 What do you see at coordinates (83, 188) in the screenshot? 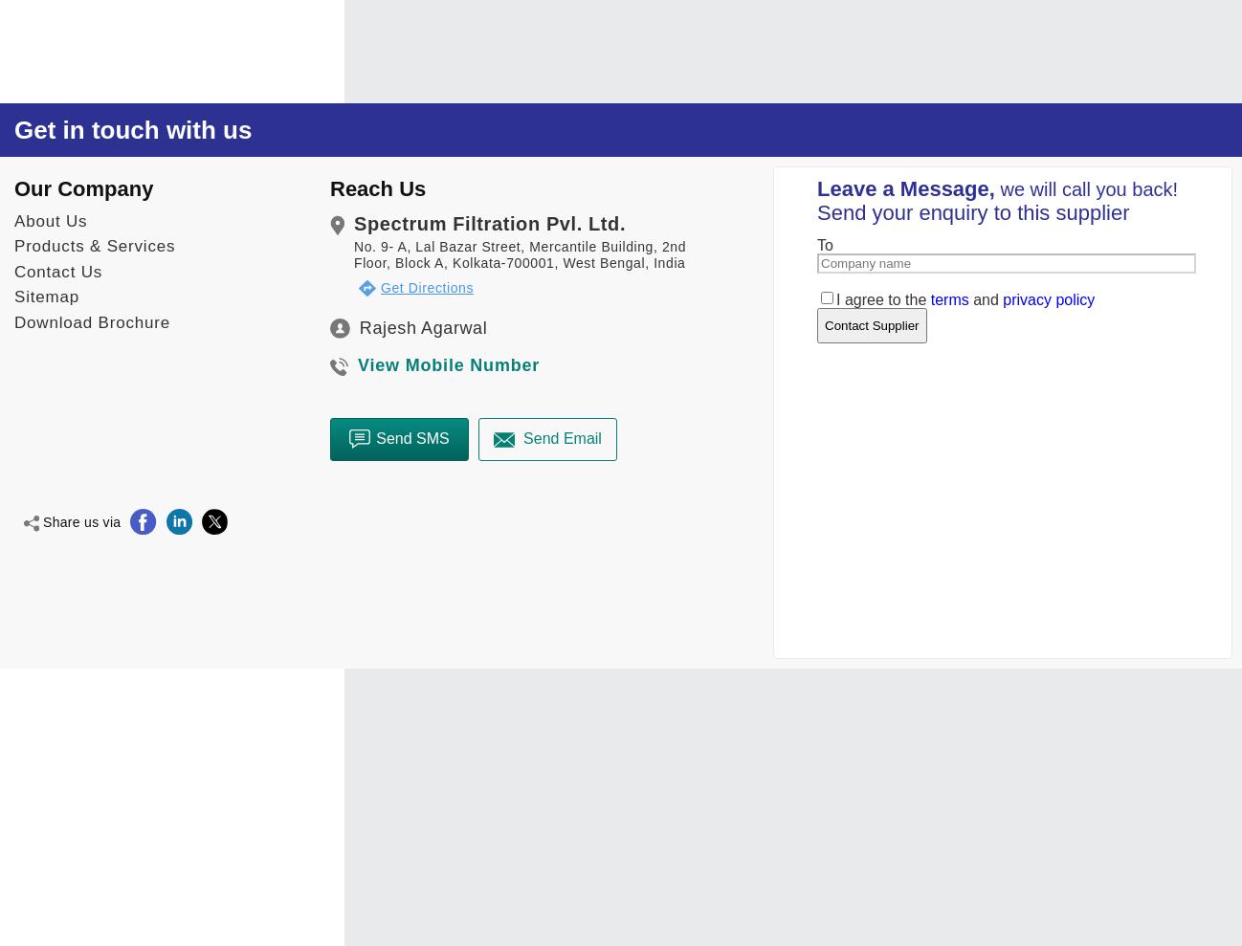
I see `'Our Company'` at bounding box center [83, 188].